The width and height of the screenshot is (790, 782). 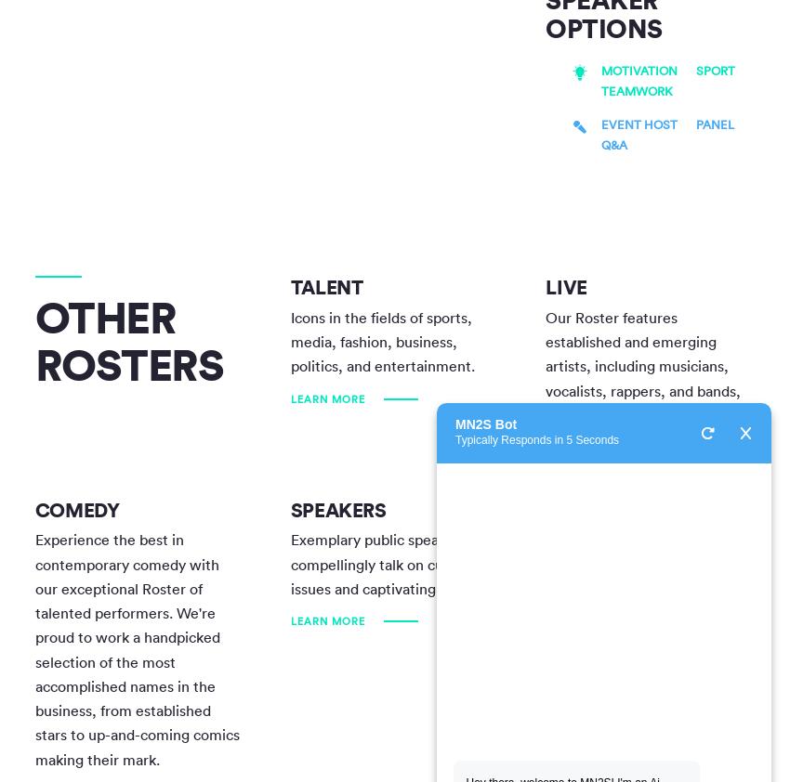 What do you see at coordinates (641, 378) in the screenshot?
I see `'Our Roster features established and emerging artists, including musicians, vocalists, rappers, and bands, covering a wide range of genres and styles.'` at bounding box center [641, 378].